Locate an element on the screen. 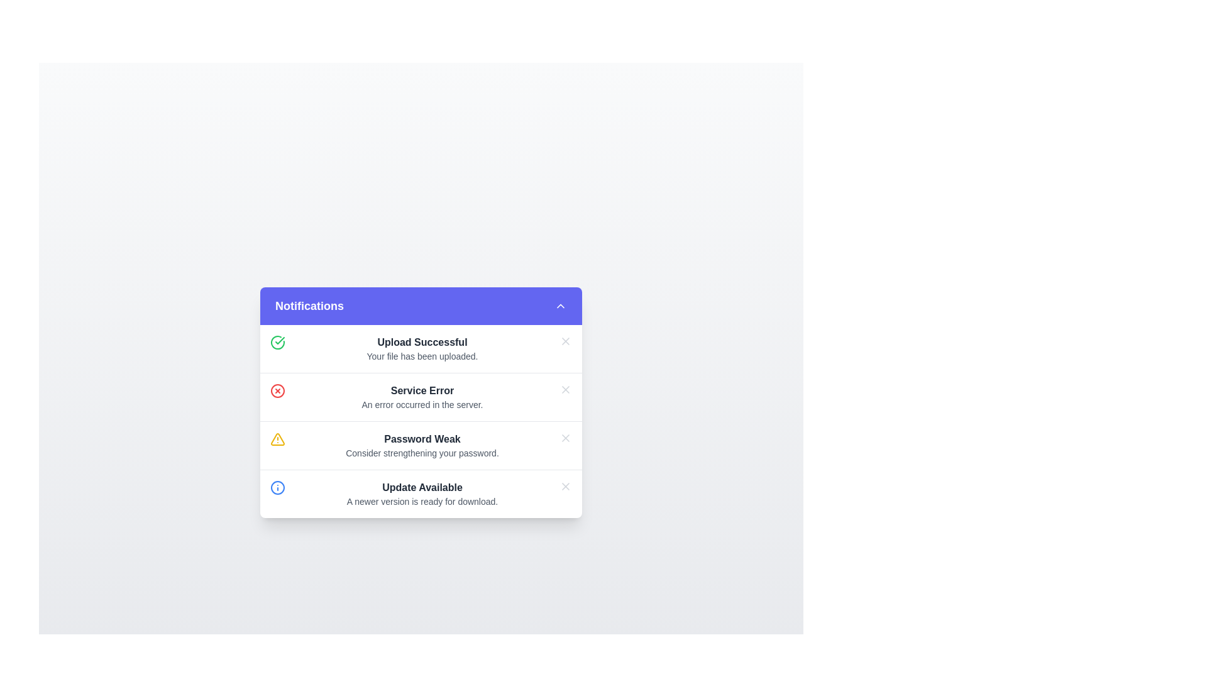 This screenshot has width=1207, height=679. the warning icon located in the third row of the notification card layout, preceding the text 'Password Weak', to address the warning is located at coordinates (277, 438).